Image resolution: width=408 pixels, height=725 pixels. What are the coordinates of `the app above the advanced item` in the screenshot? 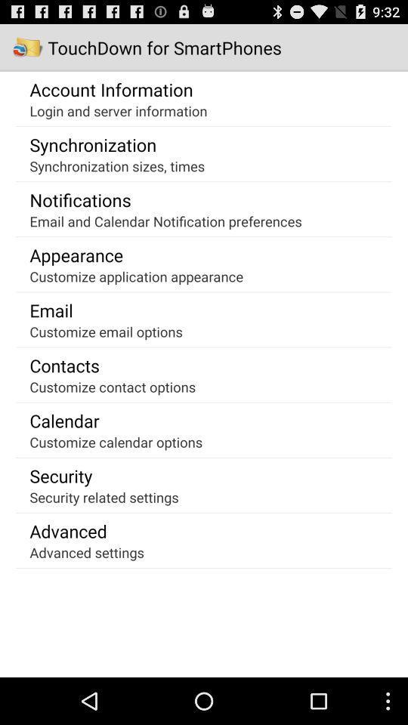 It's located at (104, 496).